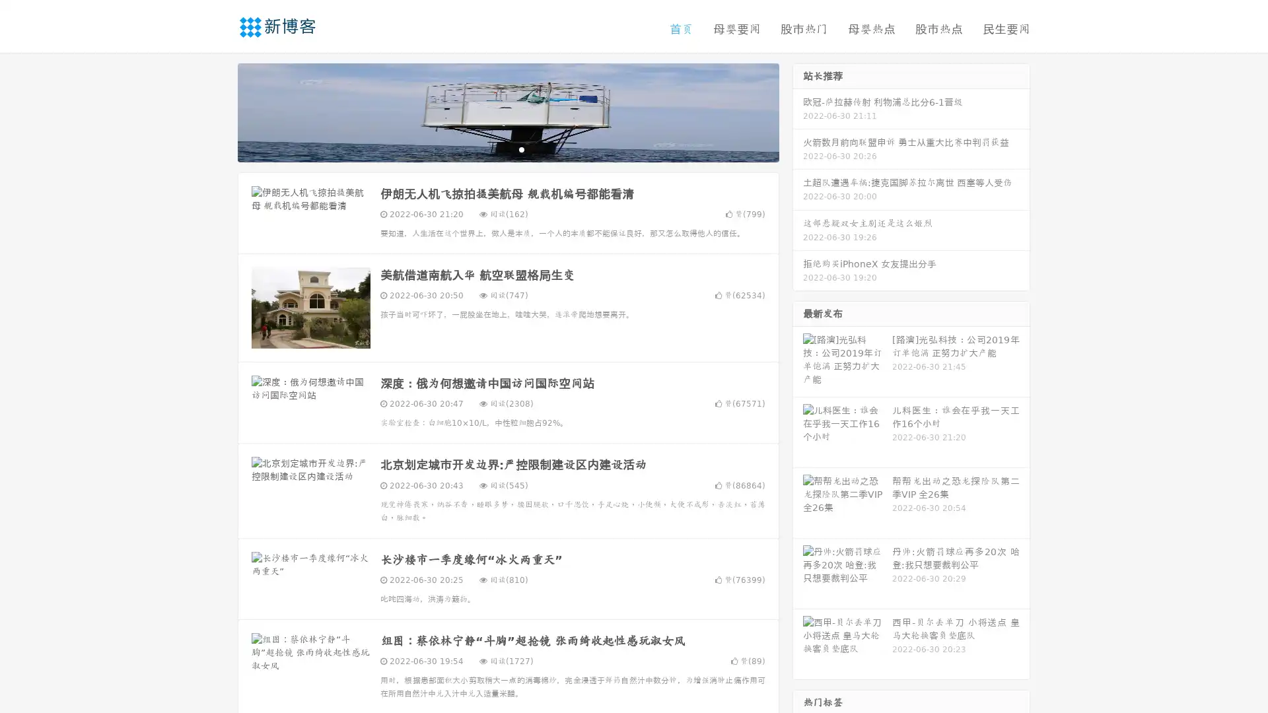 The image size is (1268, 713). I want to click on Go to slide 3, so click(521, 149).